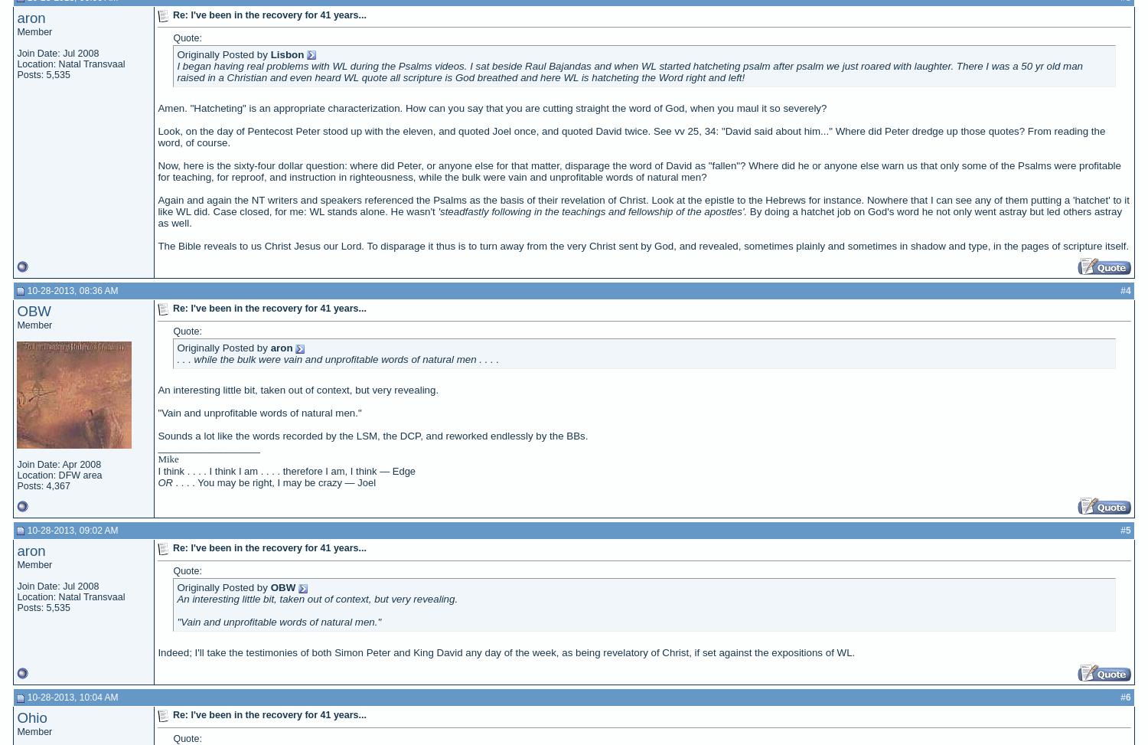 The height and width of the screenshot is (745, 1148). I want to click on '5', so click(1127, 528).